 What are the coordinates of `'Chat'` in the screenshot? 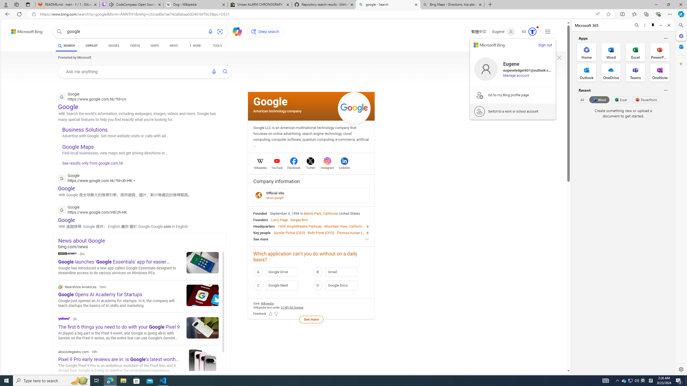 It's located at (235, 31).